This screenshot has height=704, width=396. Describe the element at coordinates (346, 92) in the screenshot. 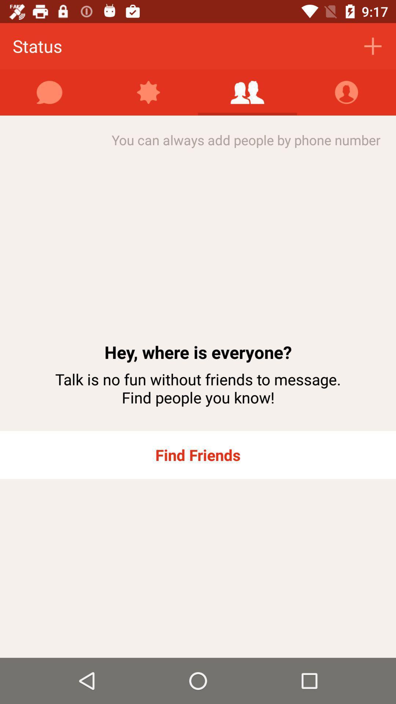

I see `contacts` at that location.